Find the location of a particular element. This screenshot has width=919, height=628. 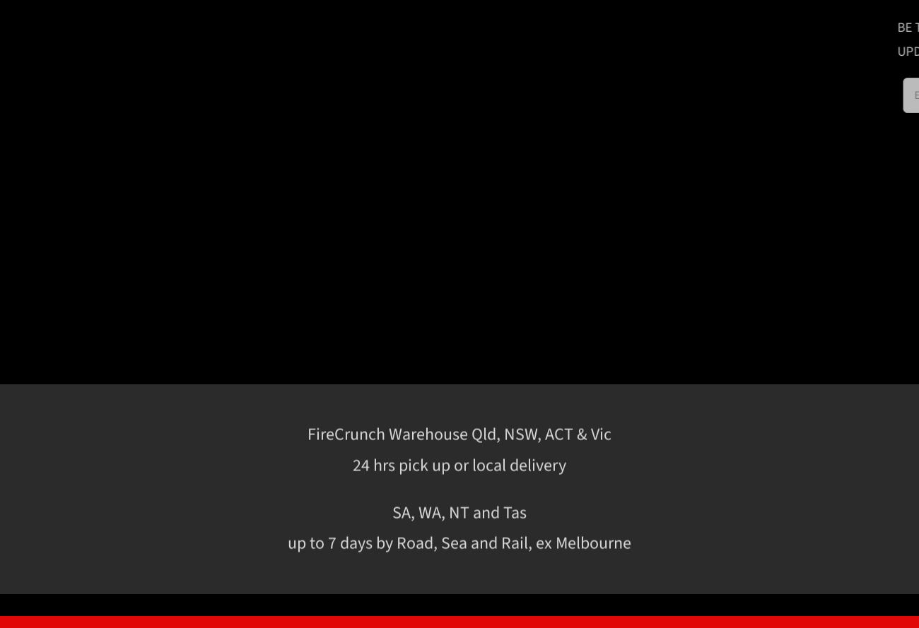

'Quantity Surveyors / Estimators' is located at coordinates (763, 509).